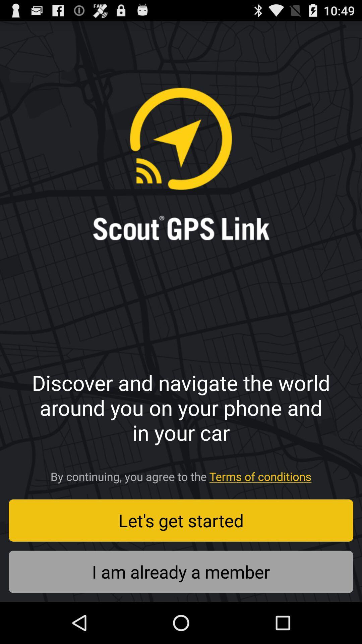 The width and height of the screenshot is (362, 644). I want to click on the by continuing you app, so click(181, 474).